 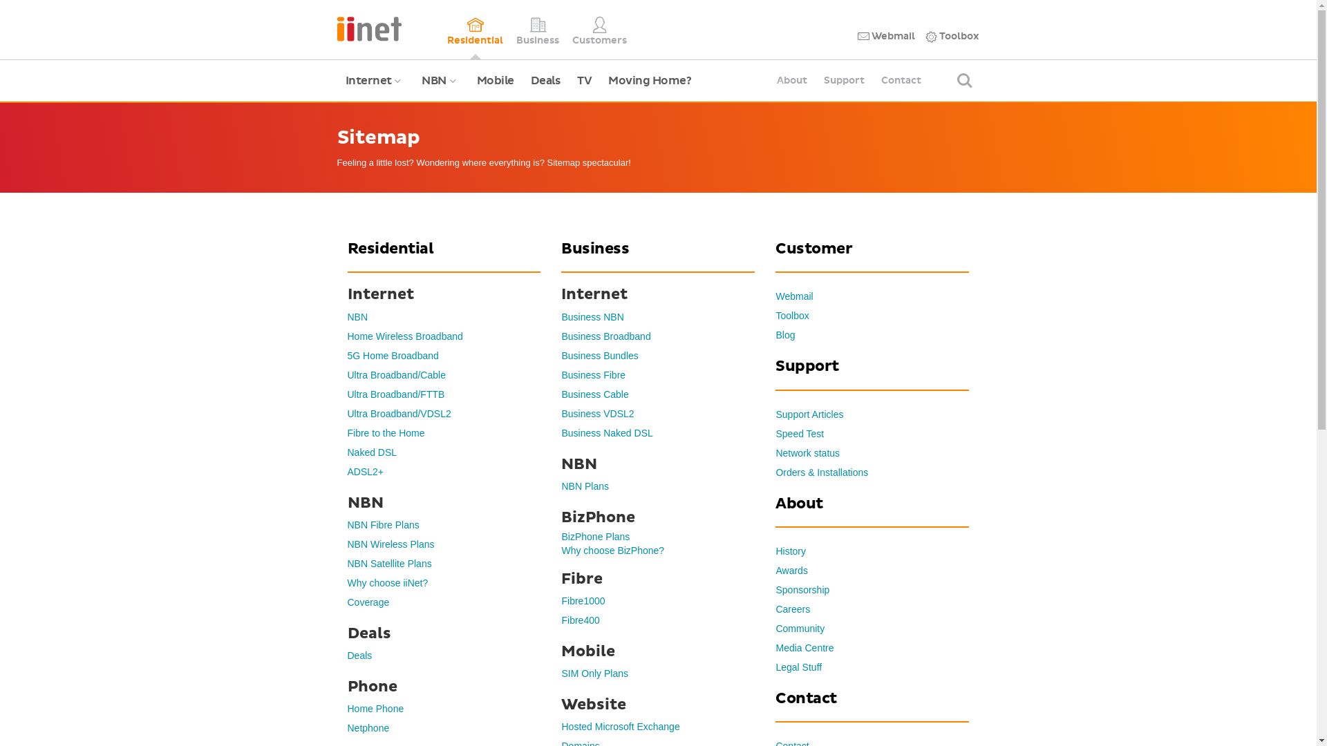 What do you see at coordinates (775, 295) in the screenshot?
I see `'Webmail'` at bounding box center [775, 295].